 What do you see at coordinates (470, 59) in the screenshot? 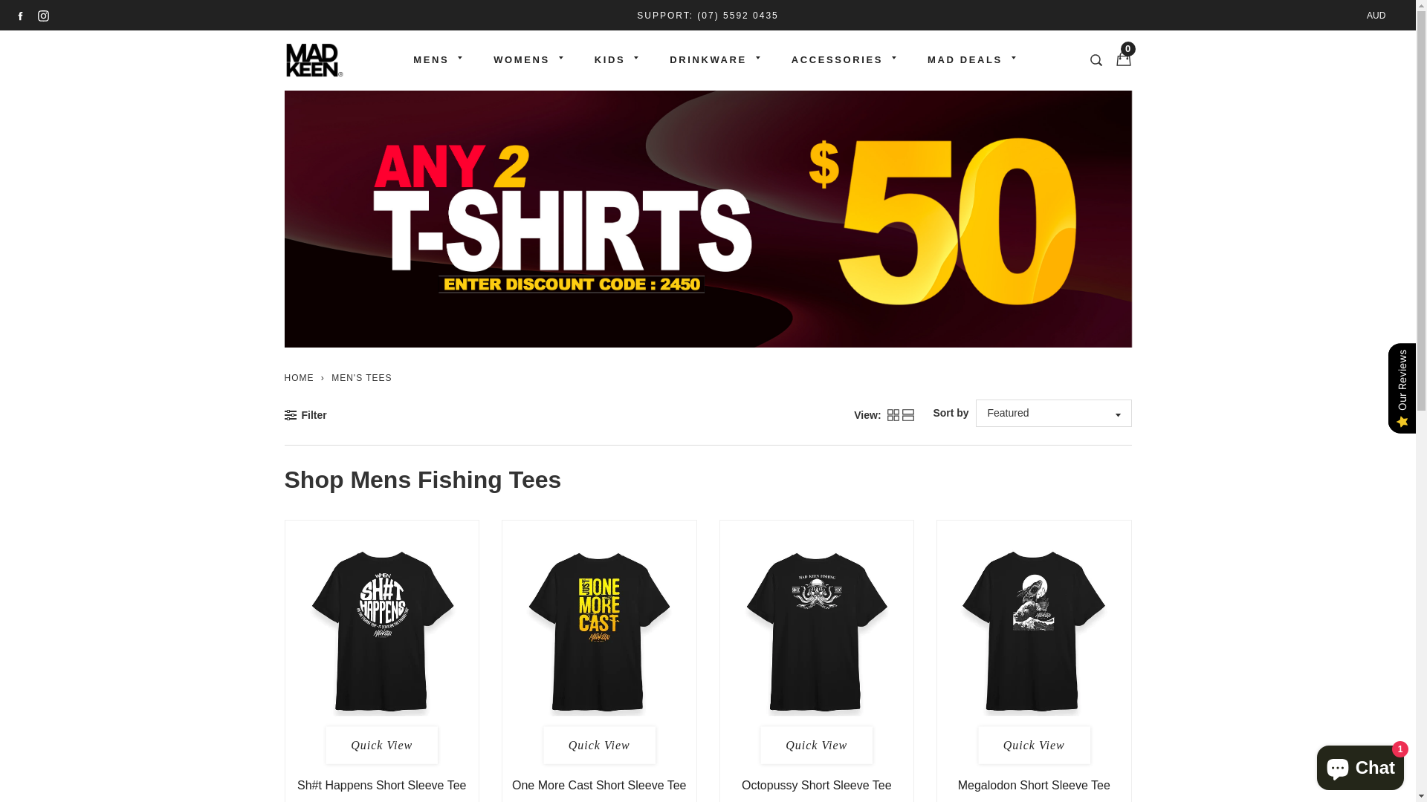
I see `'WOMENS'` at bounding box center [470, 59].